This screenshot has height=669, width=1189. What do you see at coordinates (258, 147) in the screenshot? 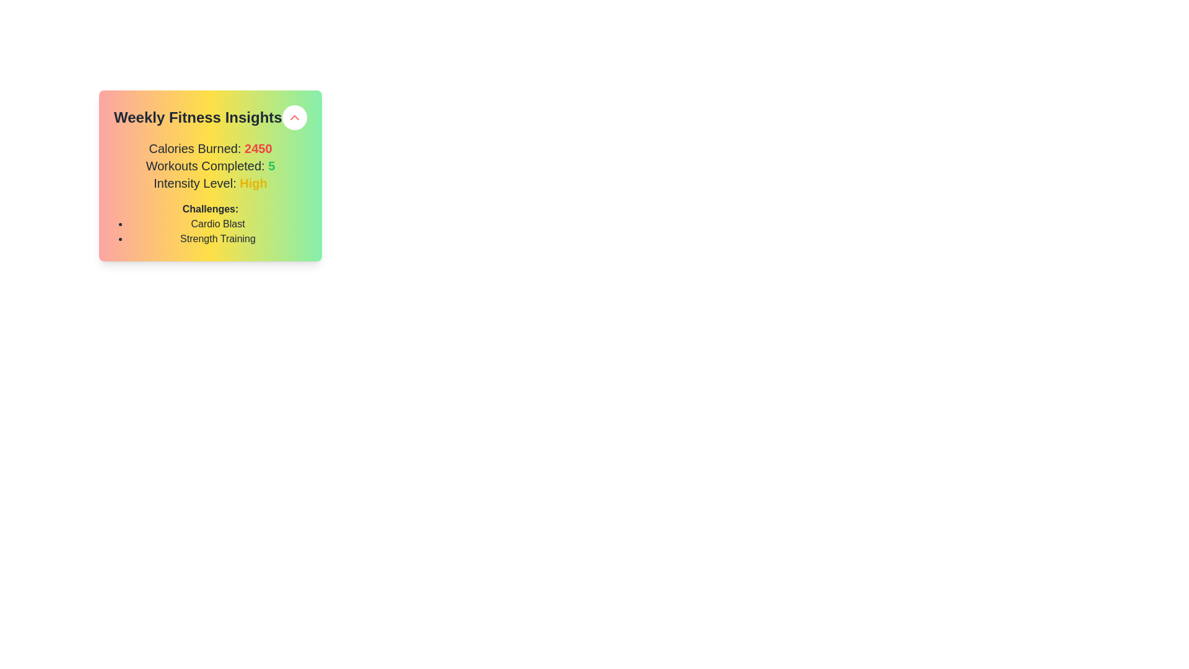
I see `the calorie count text '2450' which represents the calories burned, located in the upper-left portion of the 'Weekly Fitness Insights' card` at bounding box center [258, 147].